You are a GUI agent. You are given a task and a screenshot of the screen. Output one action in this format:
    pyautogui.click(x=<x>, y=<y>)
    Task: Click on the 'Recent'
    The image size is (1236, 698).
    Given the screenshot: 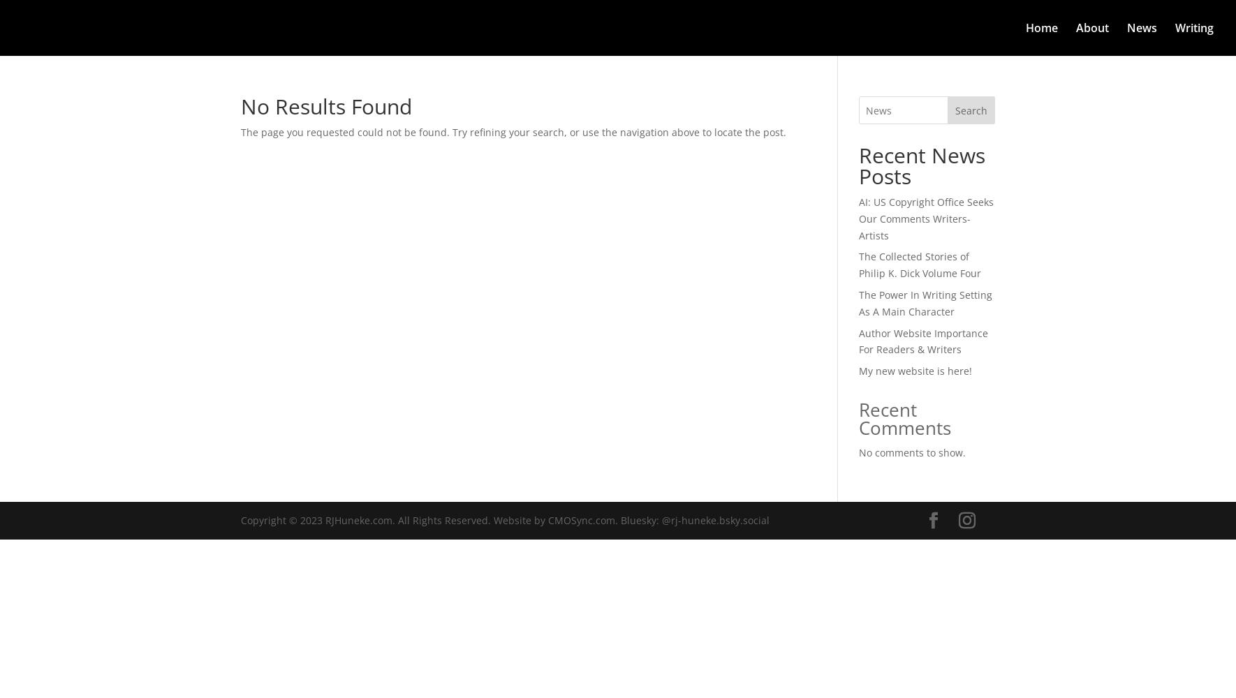 What is the action you would take?
    pyautogui.click(x=886, y=408)
    